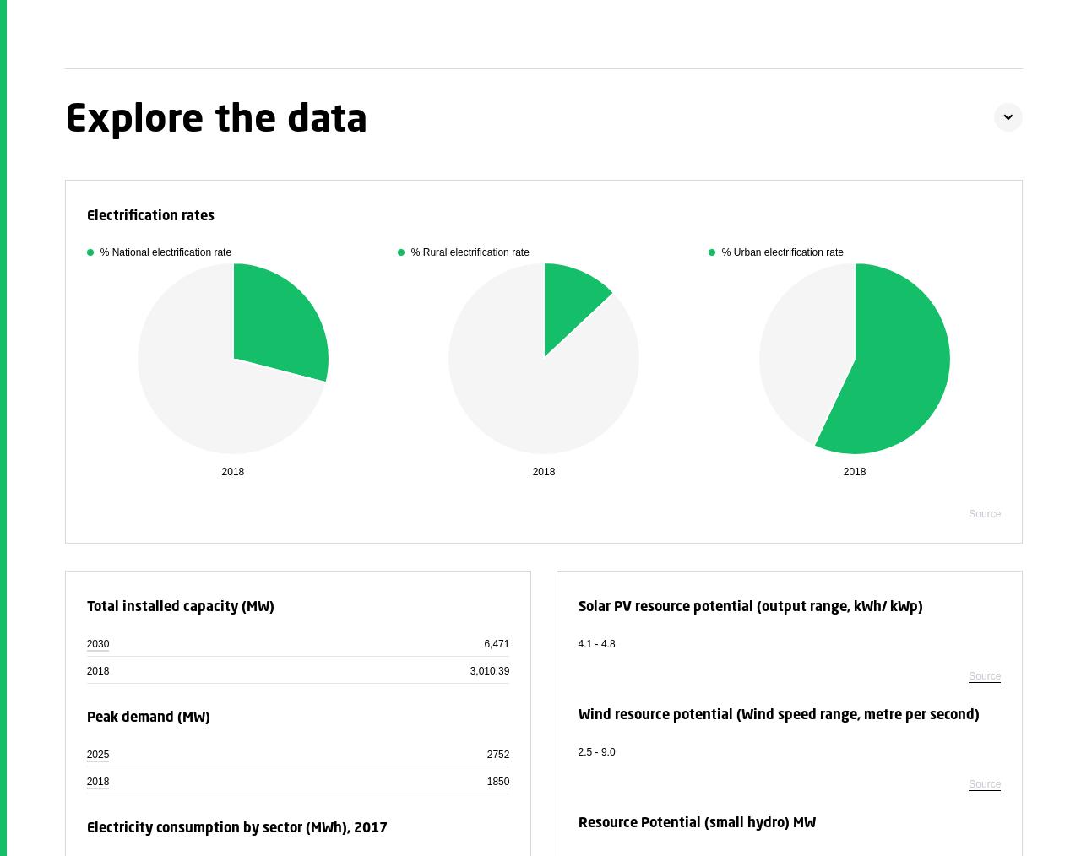 The height and width of the screenshot is (856, 1081). I want to click on '2030', so click(85, 643).